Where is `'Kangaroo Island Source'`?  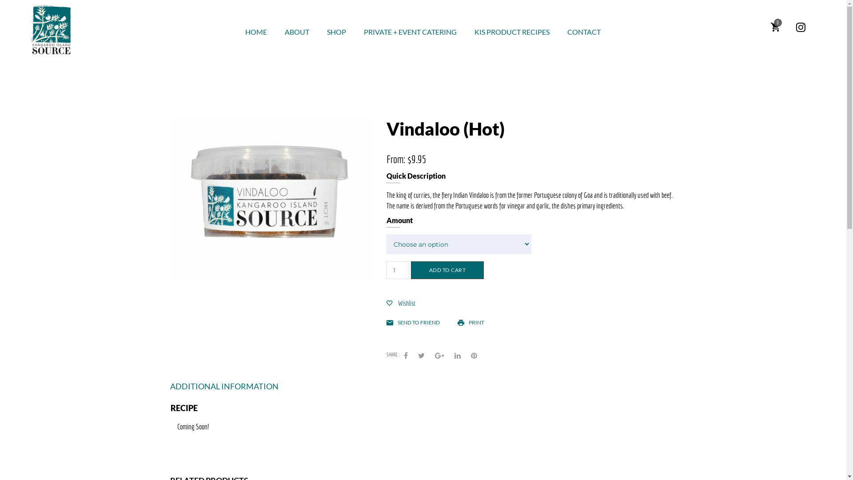
'Kangaroo Island Source' is located at coordinates (31, 29).